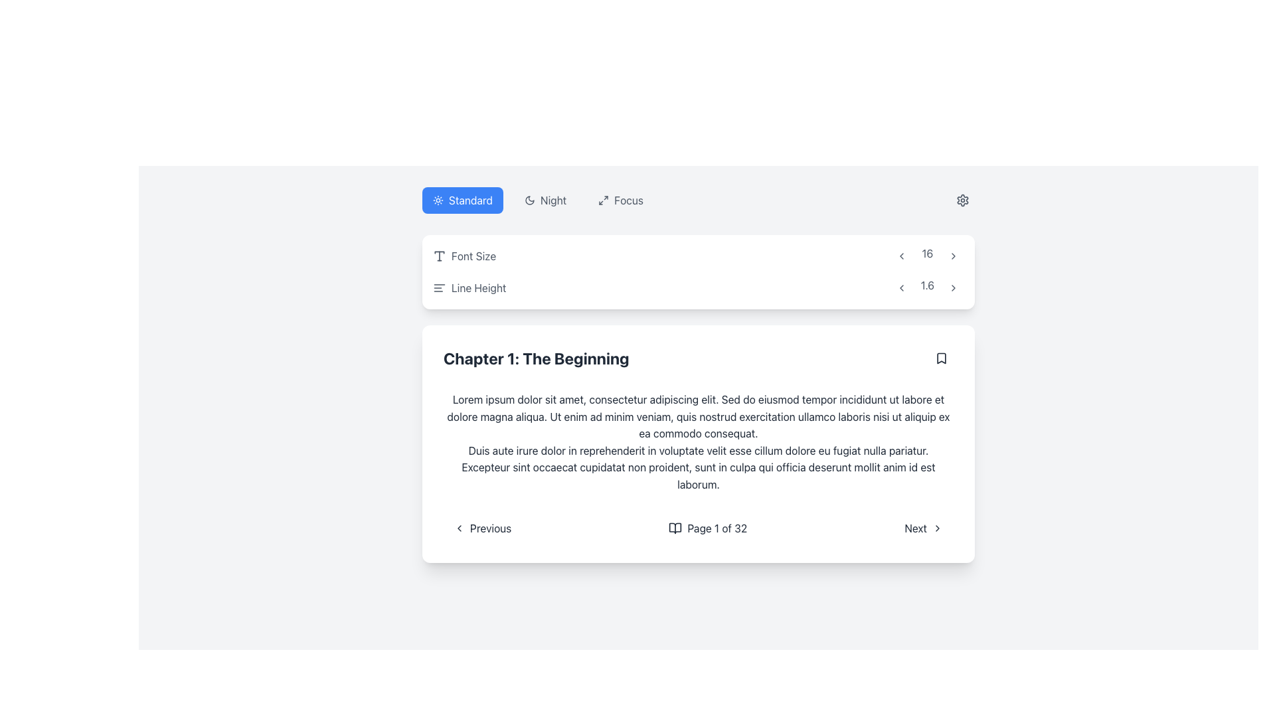 This screenshot has height=717, width=1275. What do you see at coordinates (901, 287) in the screenshot?
I see `the Interactive Button located on the left of the numeric indicator '1.6'` at bounding box center [901, 287].